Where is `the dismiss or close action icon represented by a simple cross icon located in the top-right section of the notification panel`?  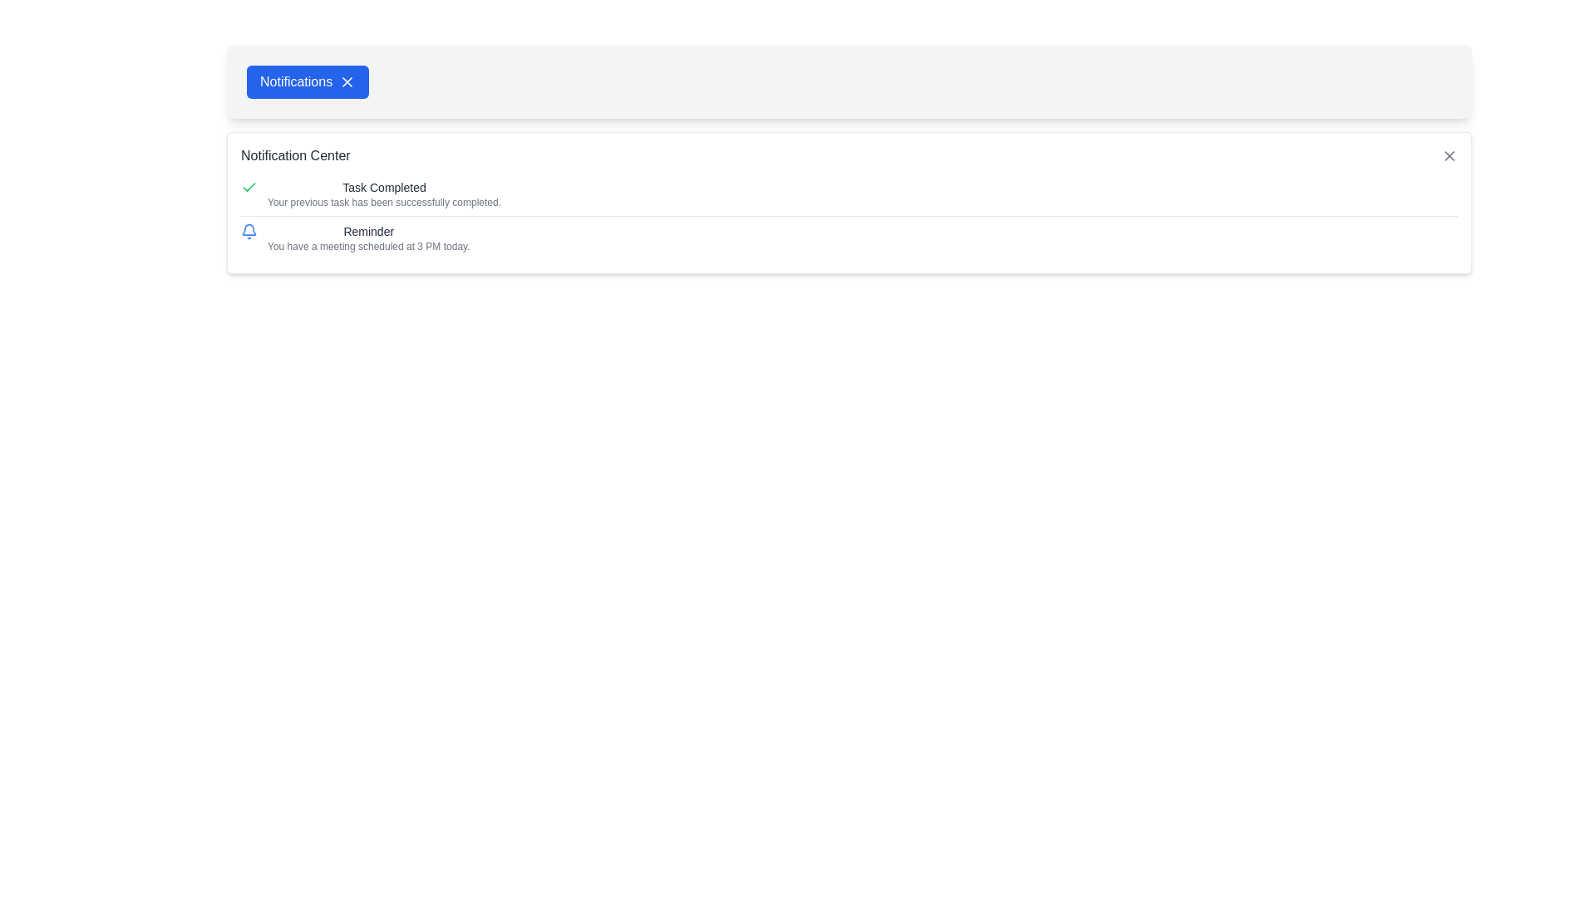
the dismiss or close action icon represented by a simple cross icon located in the top-right section of the notification panel is located at coordinates (347, 82).